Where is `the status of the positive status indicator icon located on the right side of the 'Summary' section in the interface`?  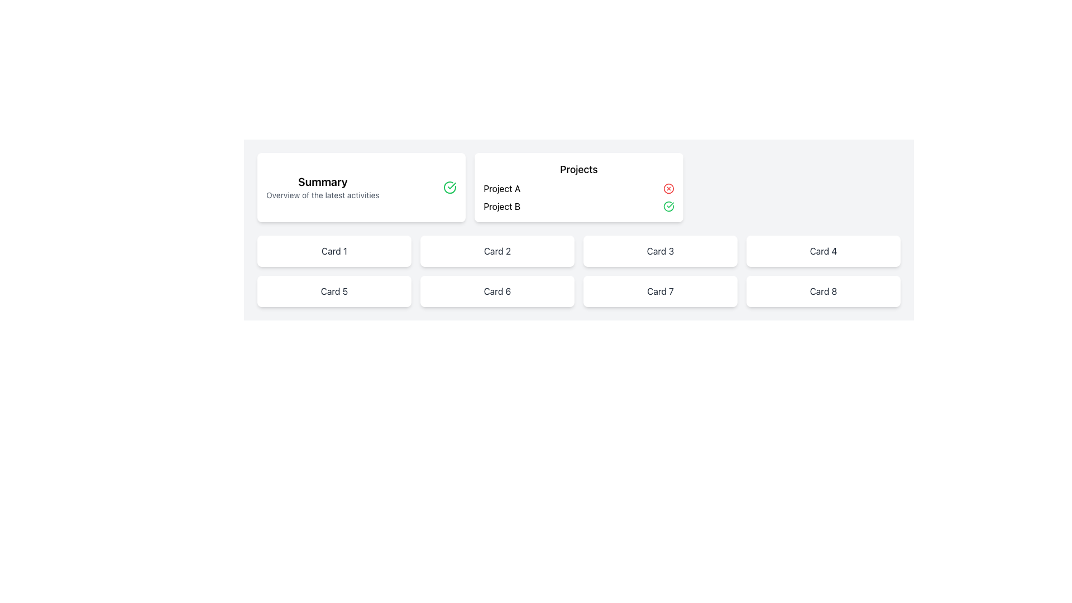
the status of the positive status indicator icon located on the right side of the 'Summary' section in the interface is located at coordinates (450, 186).